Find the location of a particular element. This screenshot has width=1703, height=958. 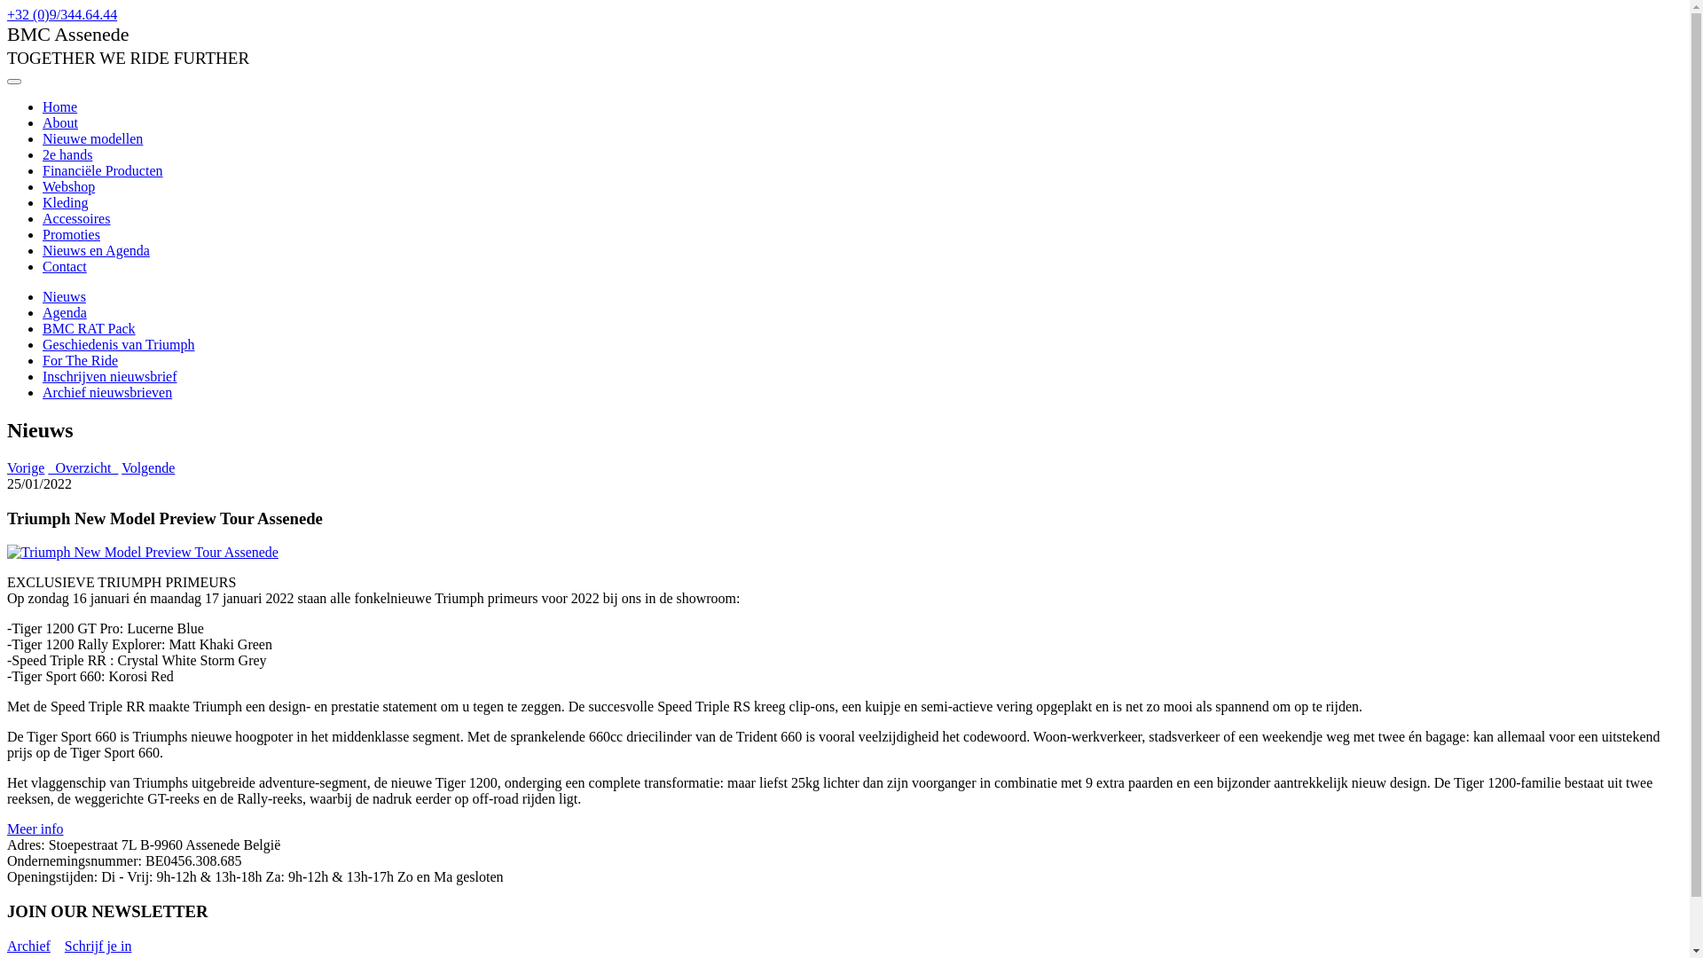

'2e hands' is located at coordinates (67, 153).